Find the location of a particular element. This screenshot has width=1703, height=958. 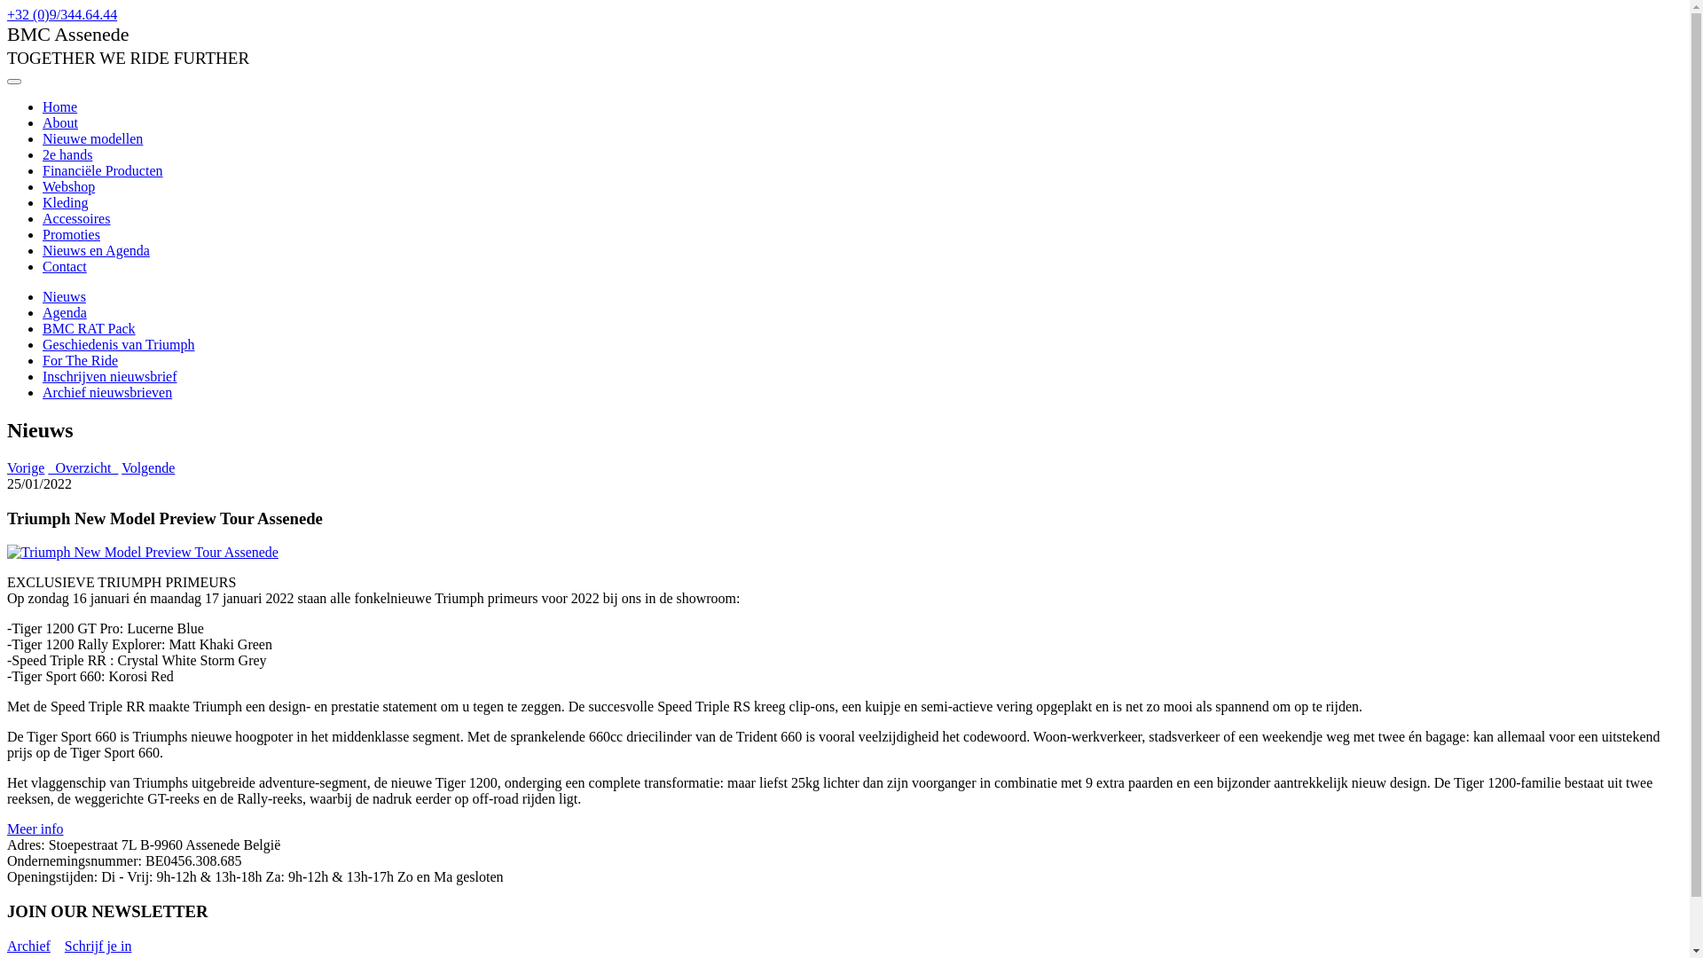

'2e hands' is located at coordinates (67, 153).